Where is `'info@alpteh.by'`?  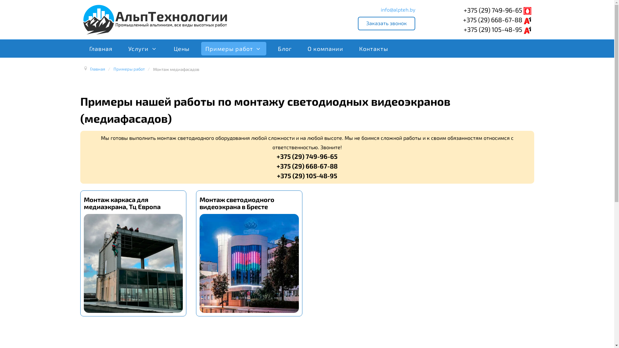
'info@alpteh.by' is located at coordinates (398, 9).